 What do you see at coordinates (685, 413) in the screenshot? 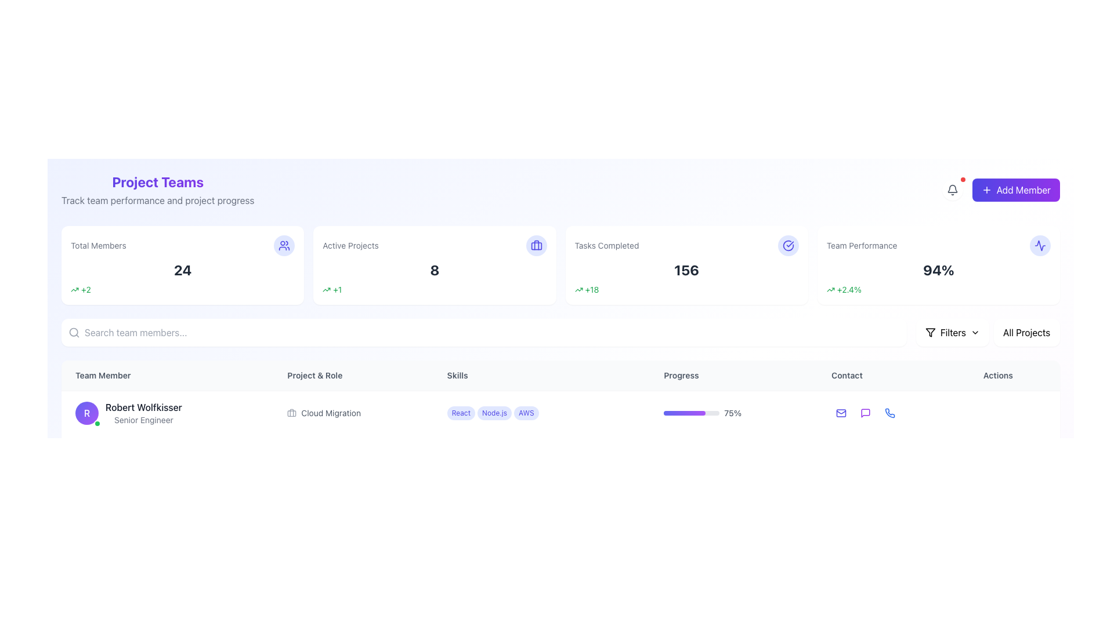
I see `progress bar indicator that visually represents 75% completion, located in the 'Progress' column of the team member's row for design verification` at bounding box center [685, 413].